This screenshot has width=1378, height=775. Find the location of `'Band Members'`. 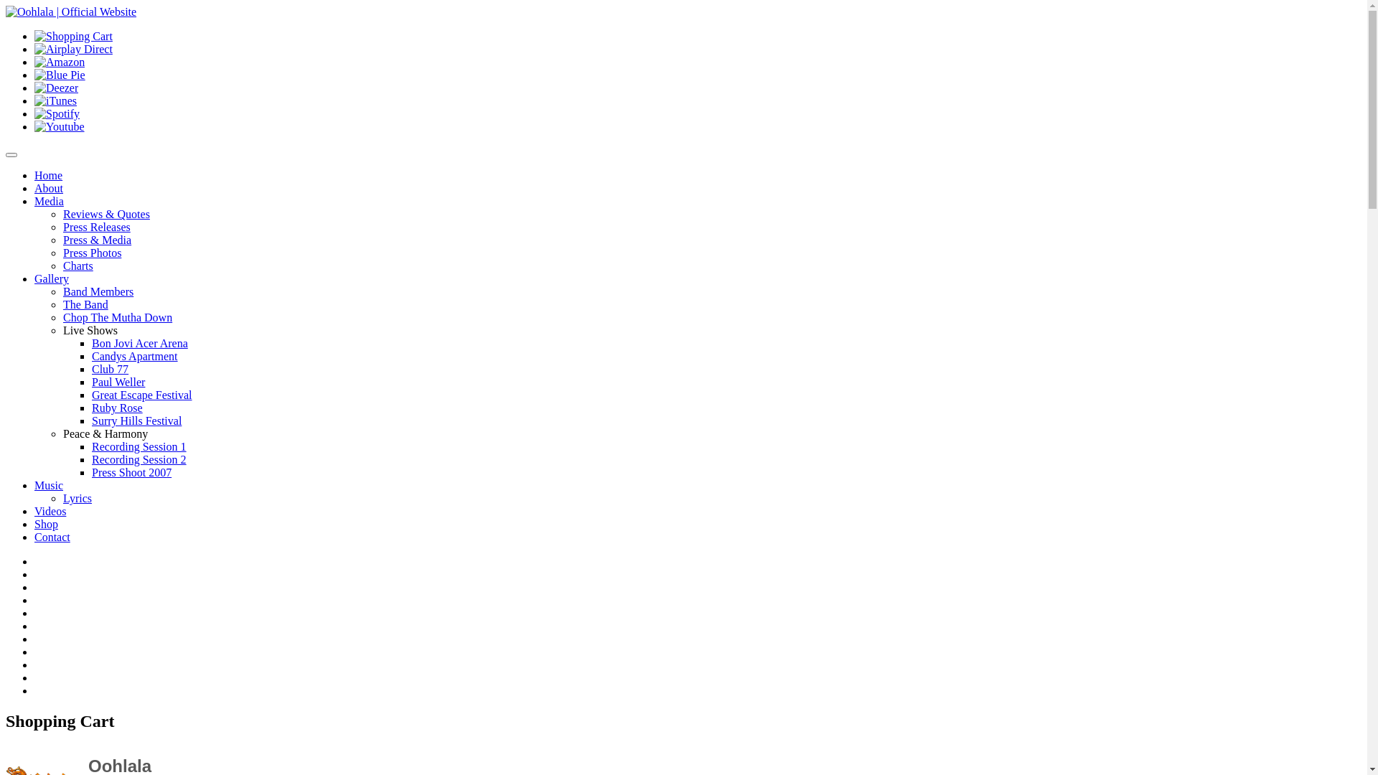

'Band Members' is located at coordinates (62, 291).